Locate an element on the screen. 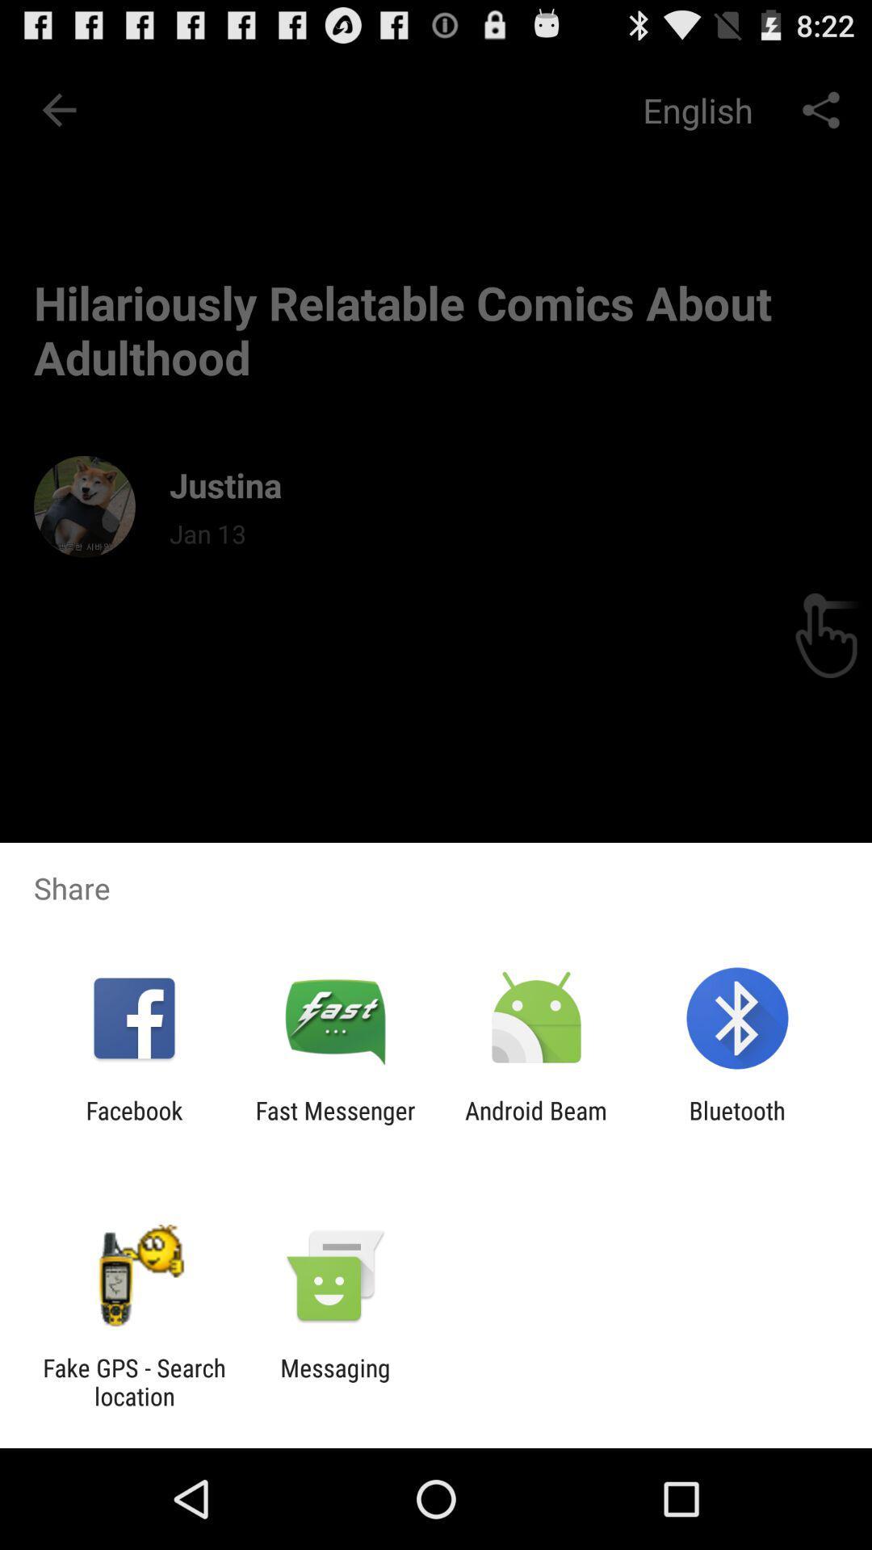 The height and width of the screenshot is (1550, 872). app to the left of the bluetooth item is located at coordinates (536, 1124).